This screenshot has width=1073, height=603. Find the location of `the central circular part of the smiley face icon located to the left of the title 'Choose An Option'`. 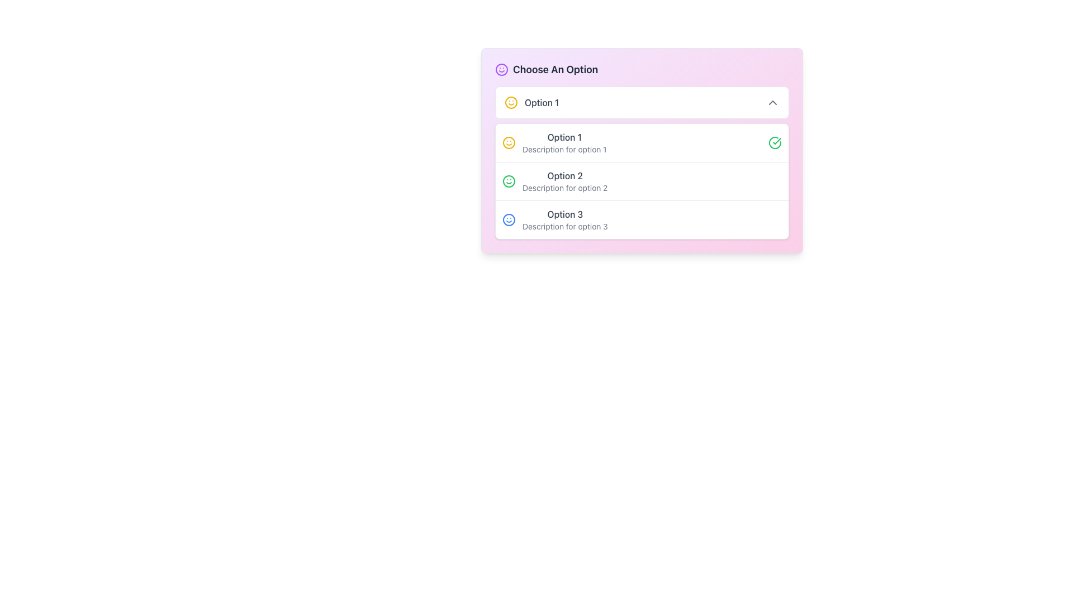

the central circular part of the smiley face icon located to the left of the title 'Choose An Option' is located at coordinates (501, 69).